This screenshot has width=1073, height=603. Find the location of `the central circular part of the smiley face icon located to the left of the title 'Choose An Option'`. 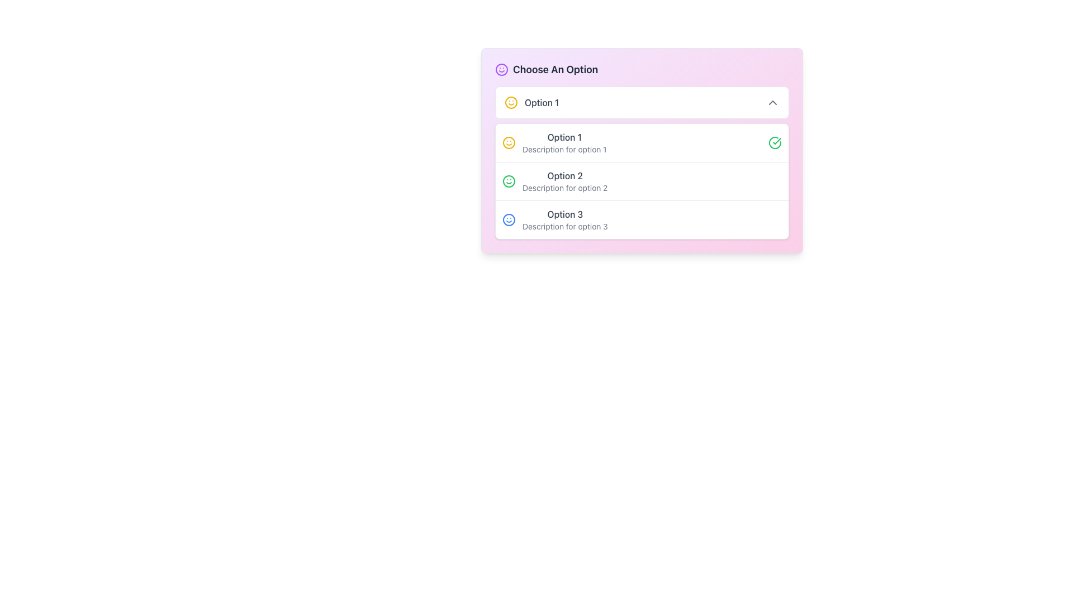

the central circular part of the smiley face icon located to the left of the title 'Choose An Option' is located at coordinates (501, 69).